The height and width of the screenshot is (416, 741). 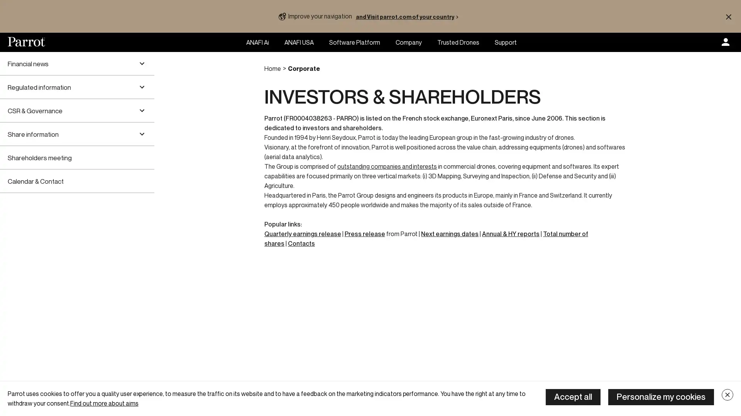 I want to click on close not-good-shop-alert, so click(x=728, y=16).